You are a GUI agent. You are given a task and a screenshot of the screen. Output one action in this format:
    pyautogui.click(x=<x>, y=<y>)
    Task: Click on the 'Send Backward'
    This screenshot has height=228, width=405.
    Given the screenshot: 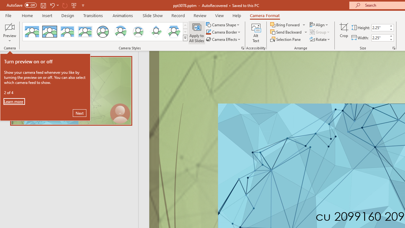 What is the action you would take?
    pyautogui.click(x=289, y=32)
    